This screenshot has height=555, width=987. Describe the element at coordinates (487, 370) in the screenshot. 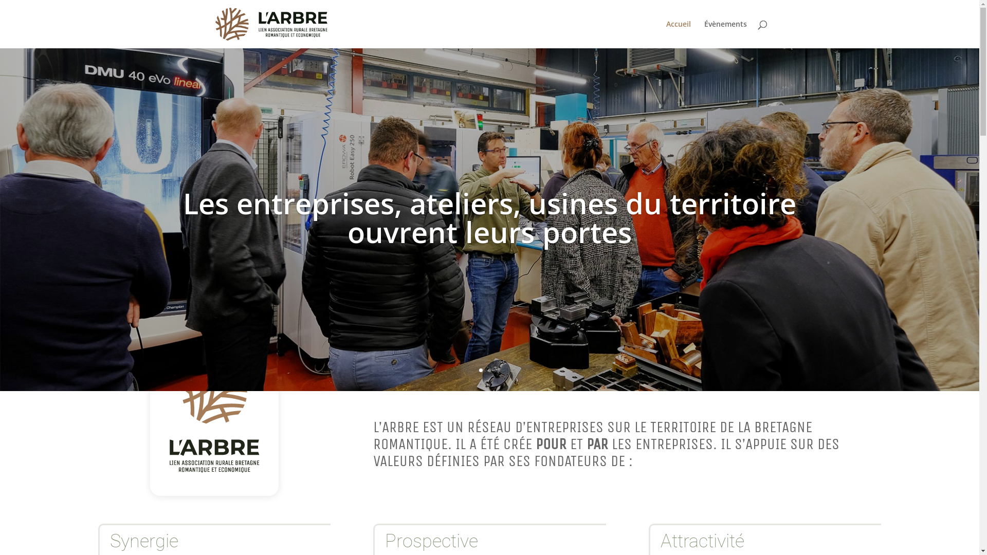

I see `'2'` at that location.